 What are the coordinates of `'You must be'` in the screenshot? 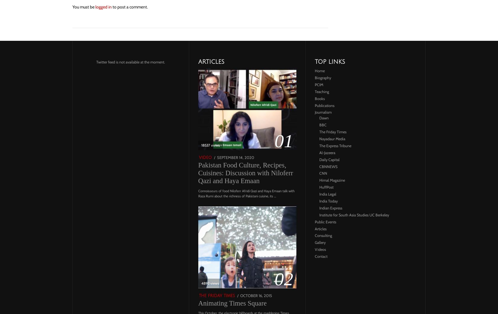 It's located at (84, 6).